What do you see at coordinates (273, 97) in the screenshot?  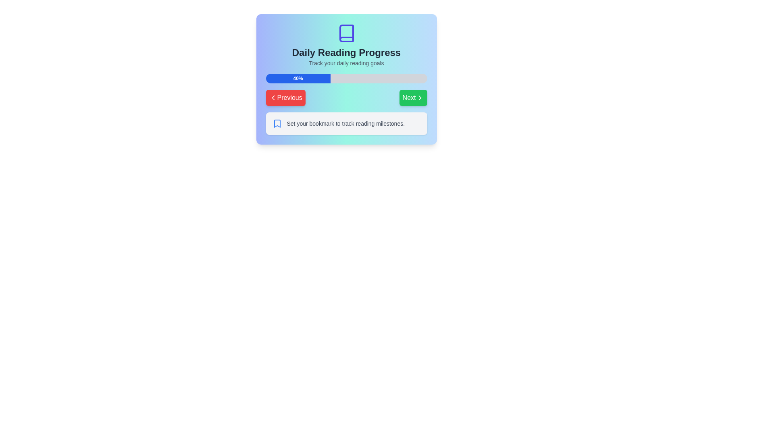 I see `the 'Previous' navigational icon located within the red button` at bounding box center [273, 97].